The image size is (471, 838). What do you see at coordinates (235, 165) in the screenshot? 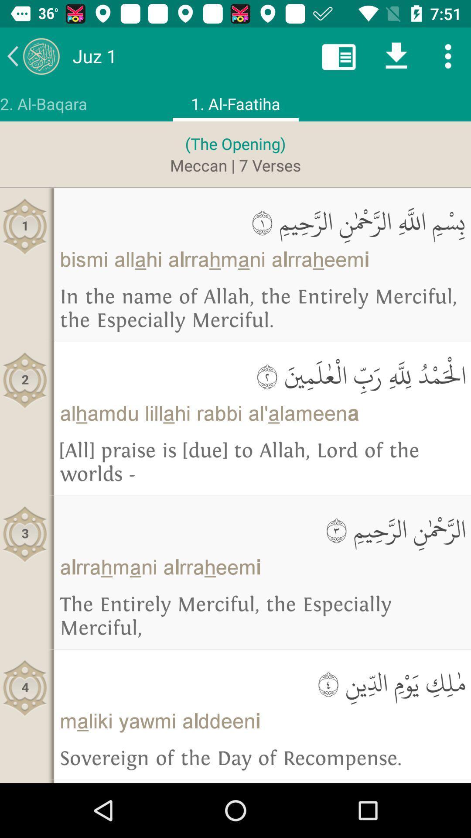
I see `meccan | 7 verses` at bounding box center [235, 165].